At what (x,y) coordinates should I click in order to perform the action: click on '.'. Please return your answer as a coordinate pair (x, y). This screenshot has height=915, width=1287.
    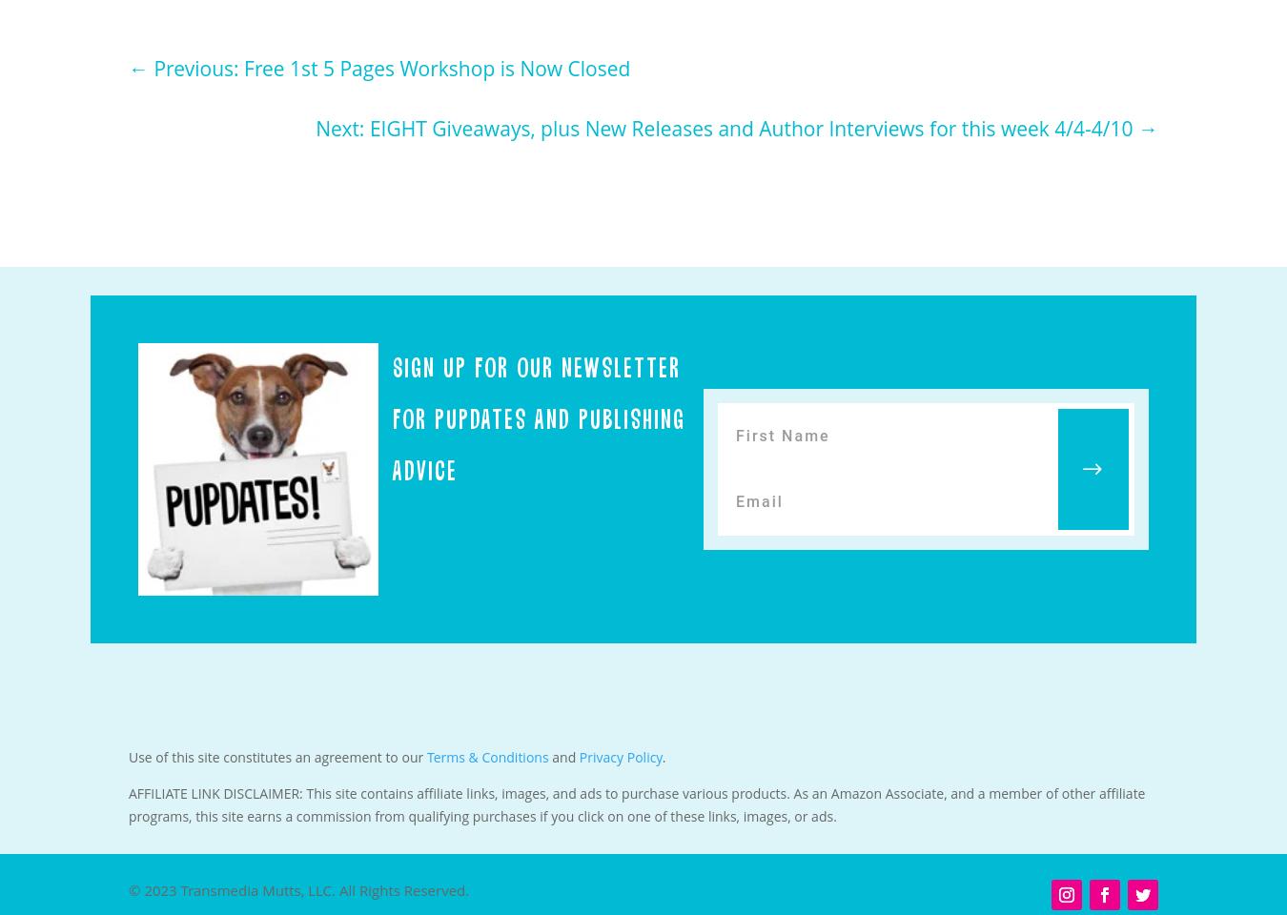
    Looking at the image, I should click on (663, 757).